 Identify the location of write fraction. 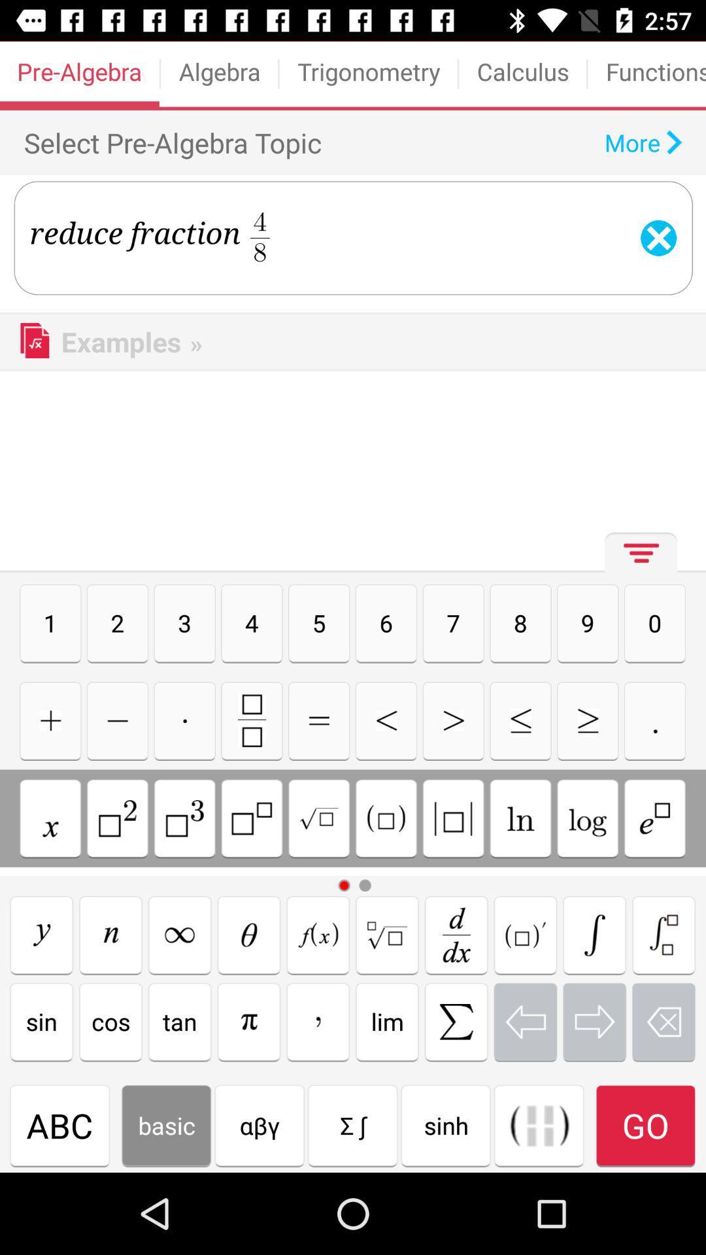
(252, 720).